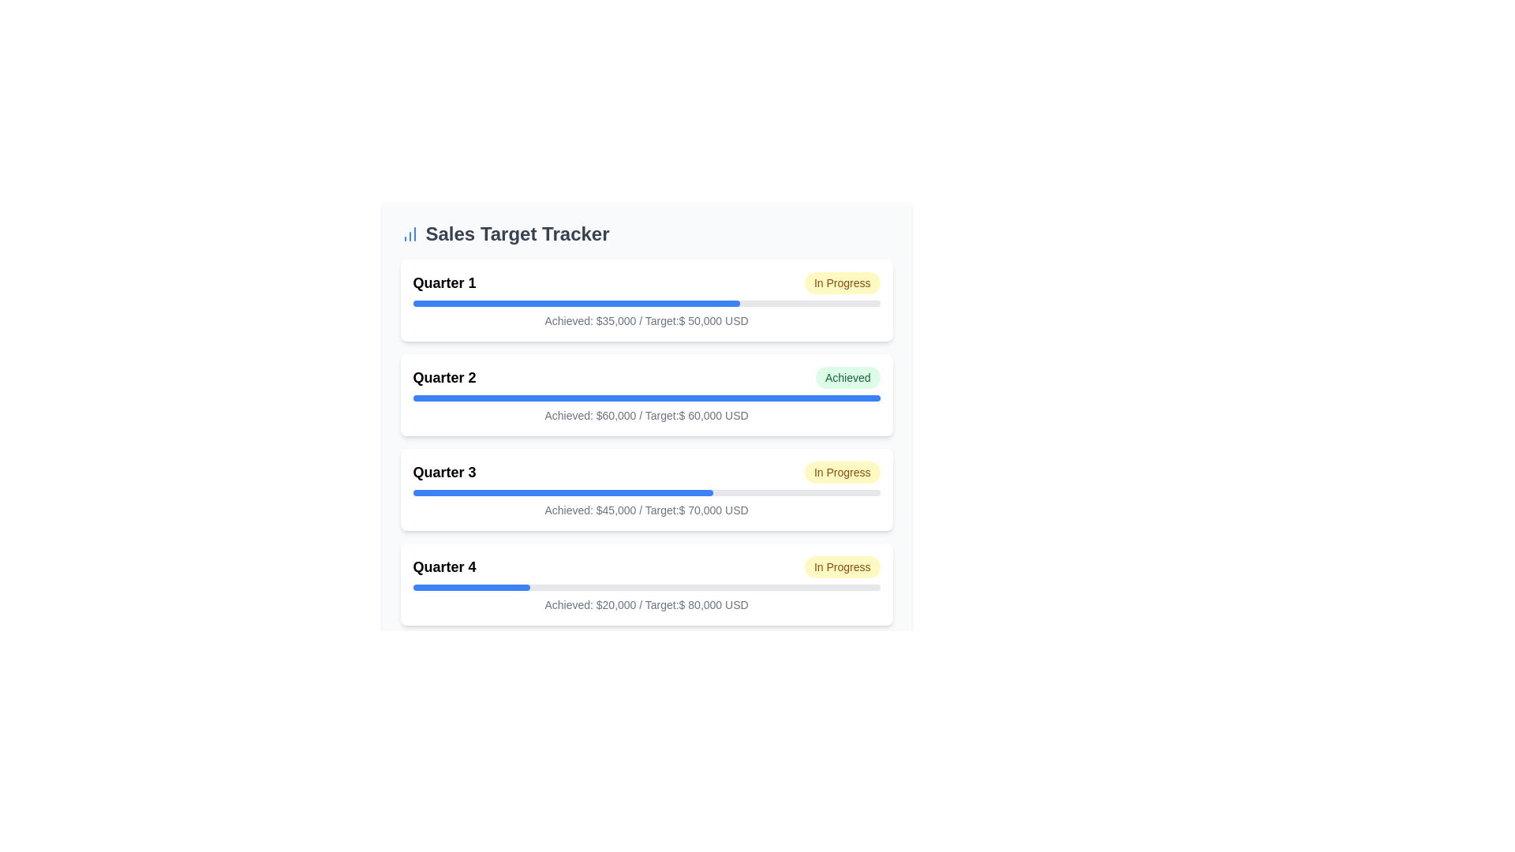 Image resolution: width=1515 pixels, height=852 pixels. What do you see at coordinates (847, 377) in the screenshot?
I see `the Status label indicating the achievement of the target for Quarter 2, which is non-interactive and serves as an informational display` at bounding box center [847, 377].